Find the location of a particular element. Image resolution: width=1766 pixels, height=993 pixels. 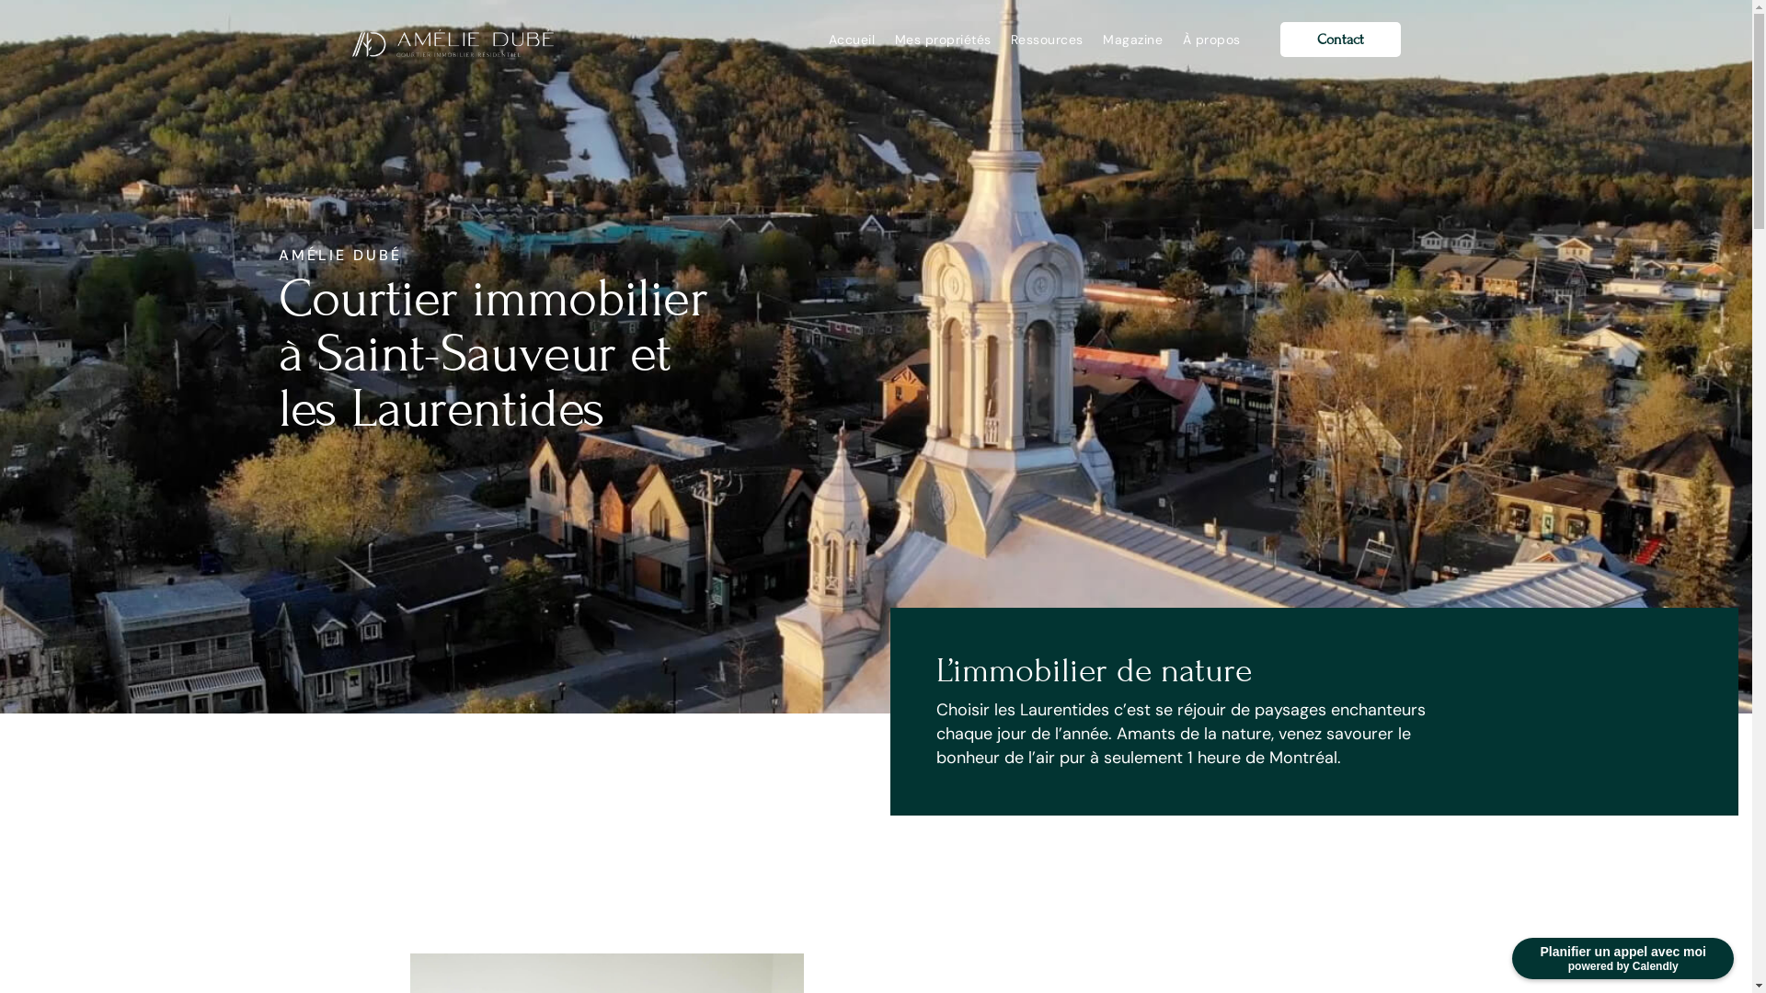

'Ressources' is located at coordinates (1010, 39).